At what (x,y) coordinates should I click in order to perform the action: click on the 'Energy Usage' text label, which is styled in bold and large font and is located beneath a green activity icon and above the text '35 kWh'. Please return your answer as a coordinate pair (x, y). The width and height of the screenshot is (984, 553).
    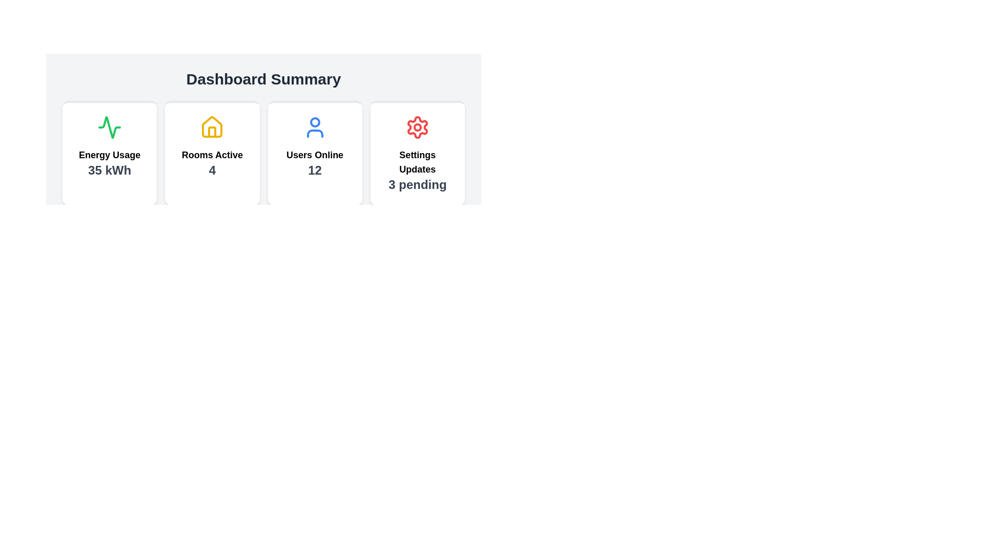
    Looking at the image, I should click on (110, 155).